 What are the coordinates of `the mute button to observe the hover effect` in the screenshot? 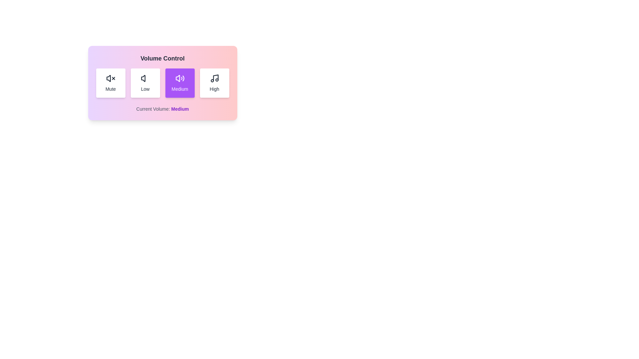 It's located at (110, 83).